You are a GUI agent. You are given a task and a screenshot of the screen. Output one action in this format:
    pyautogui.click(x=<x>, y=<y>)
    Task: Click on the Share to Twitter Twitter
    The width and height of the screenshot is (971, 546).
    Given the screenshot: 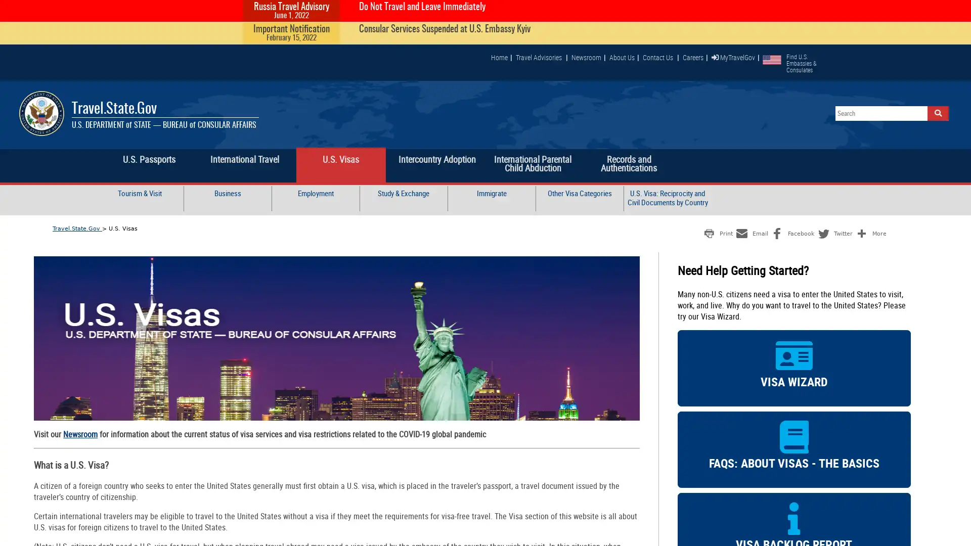 What is the action you would take?
    pyautogui.click(x=834, y=233)
    